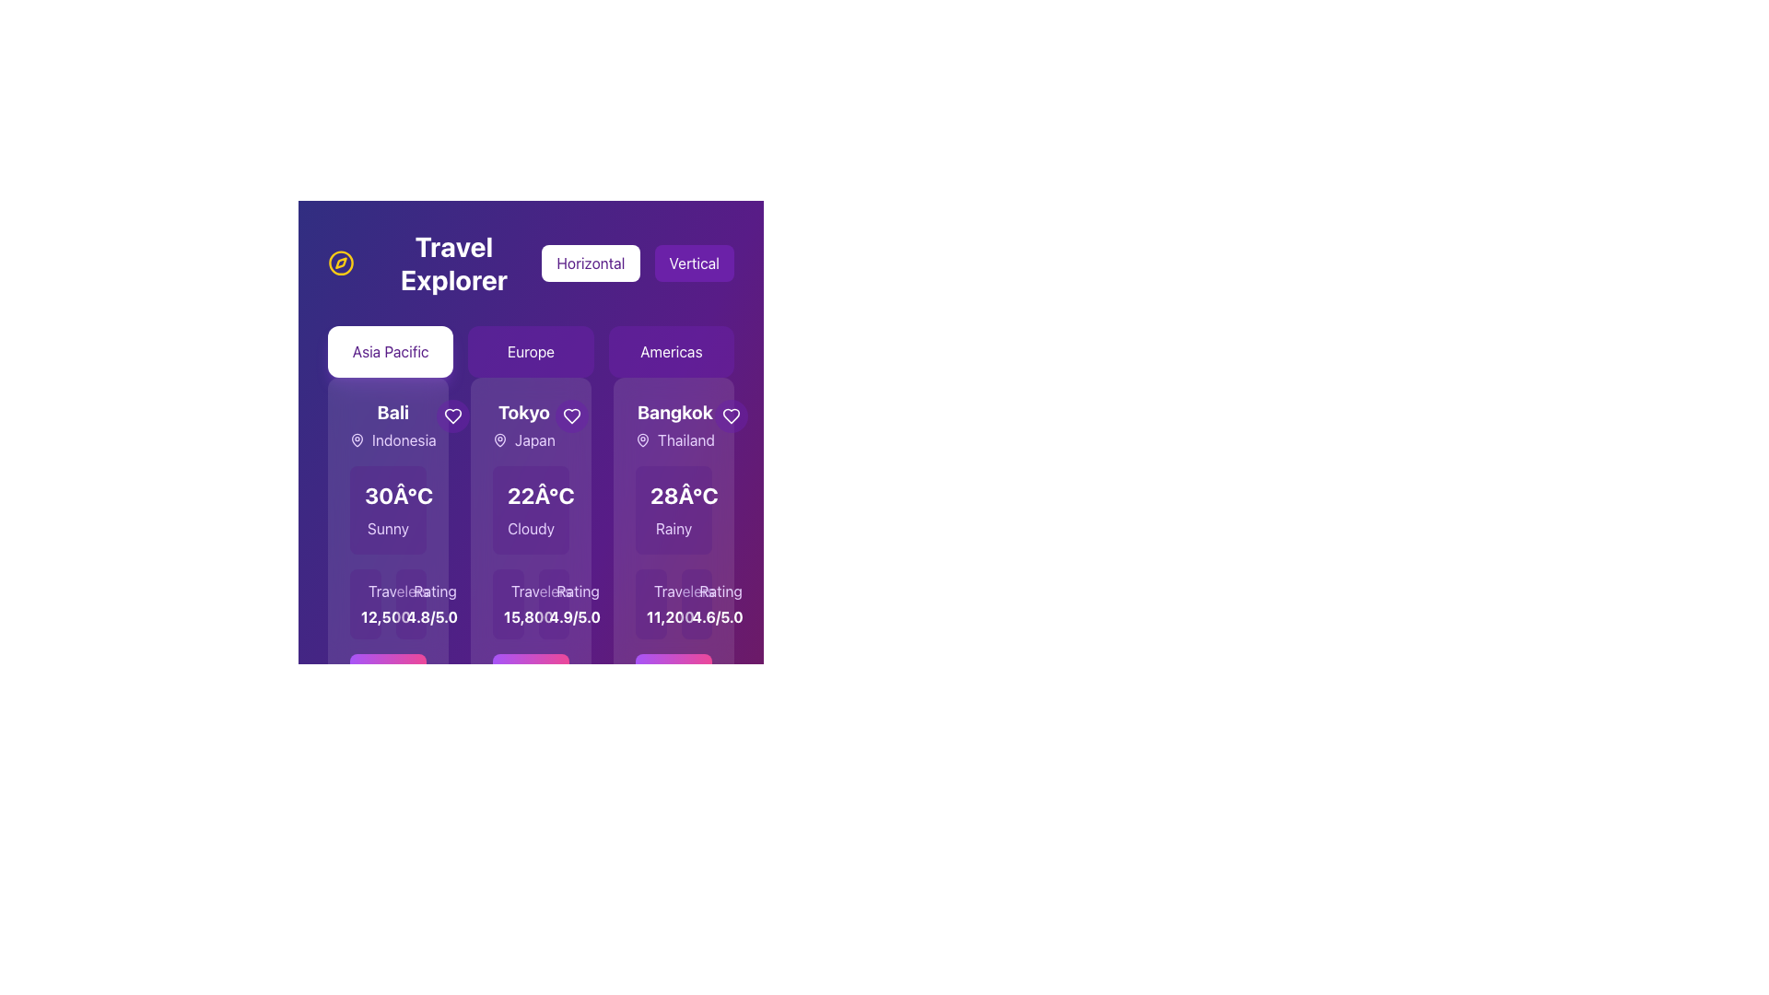 The image size is (1769, 995). What do you see at coordinates (387, 529) in the screenshot?
I see `the text label displaying 'Sunny' in a light purple color, located within the rounded rectangle card labeled 'Bali', below the temperature display '30°C'` at bounding box center [387, 529].